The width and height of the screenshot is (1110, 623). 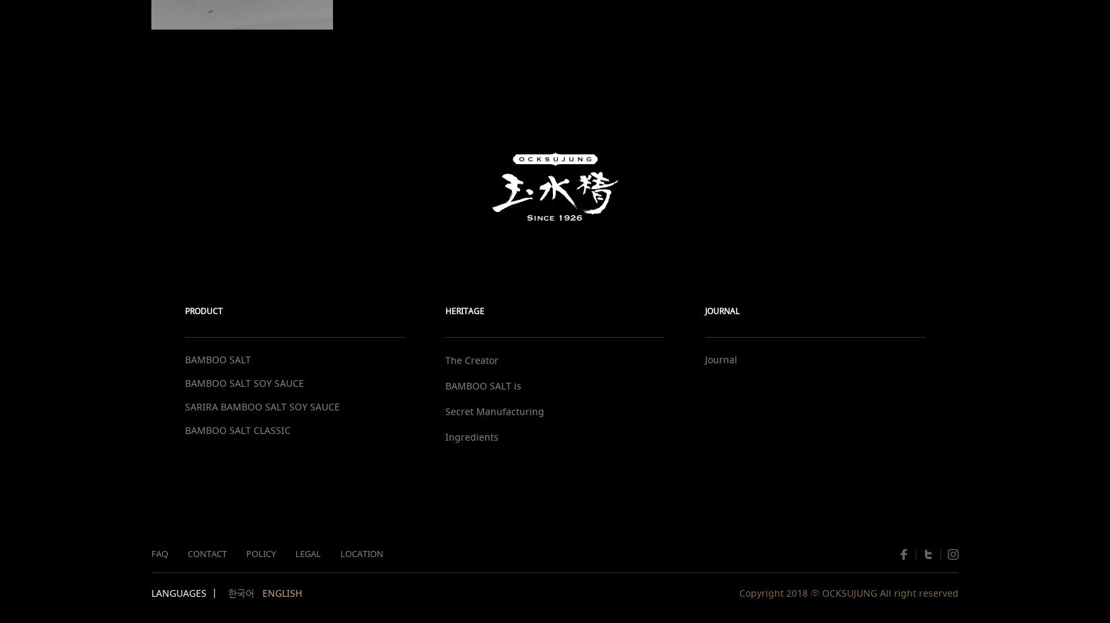 What do you see at coordinates (470, 436) in the screenshot?
I see `'Ingredients'` at bounding box center [470, 436].